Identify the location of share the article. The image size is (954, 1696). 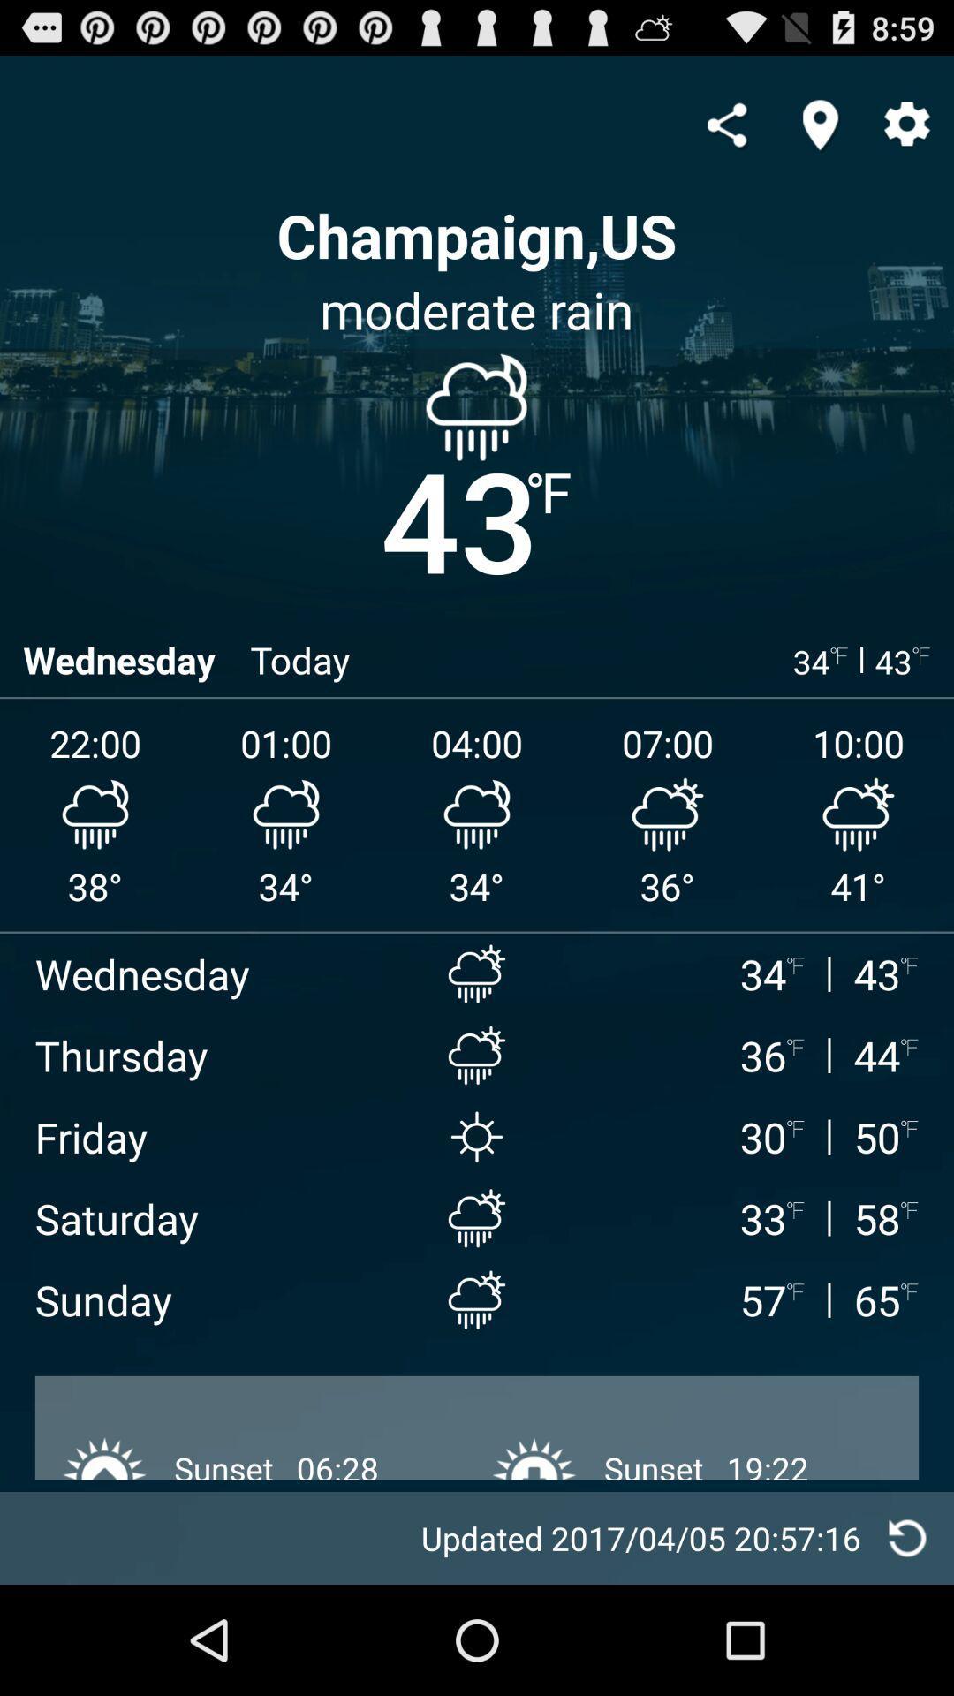
(726, 124).